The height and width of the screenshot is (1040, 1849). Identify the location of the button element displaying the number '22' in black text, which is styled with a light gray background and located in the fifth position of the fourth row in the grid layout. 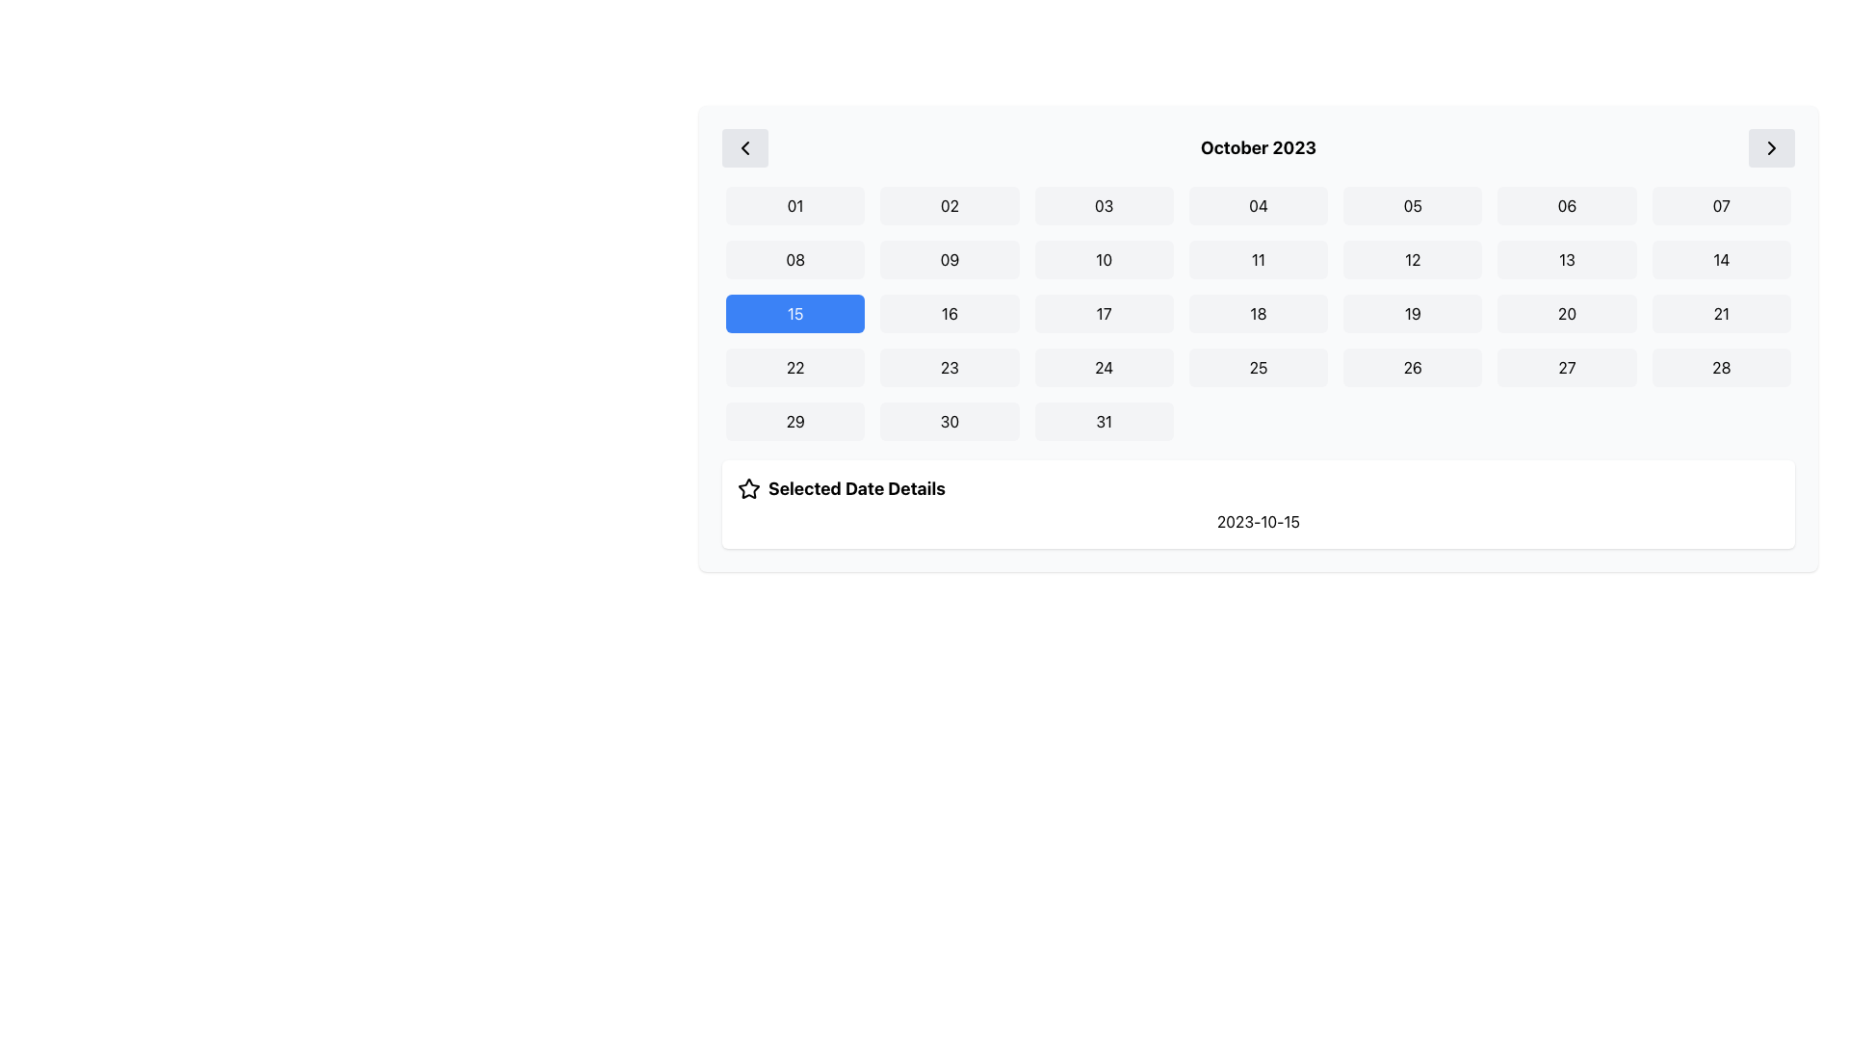
(795, 367).